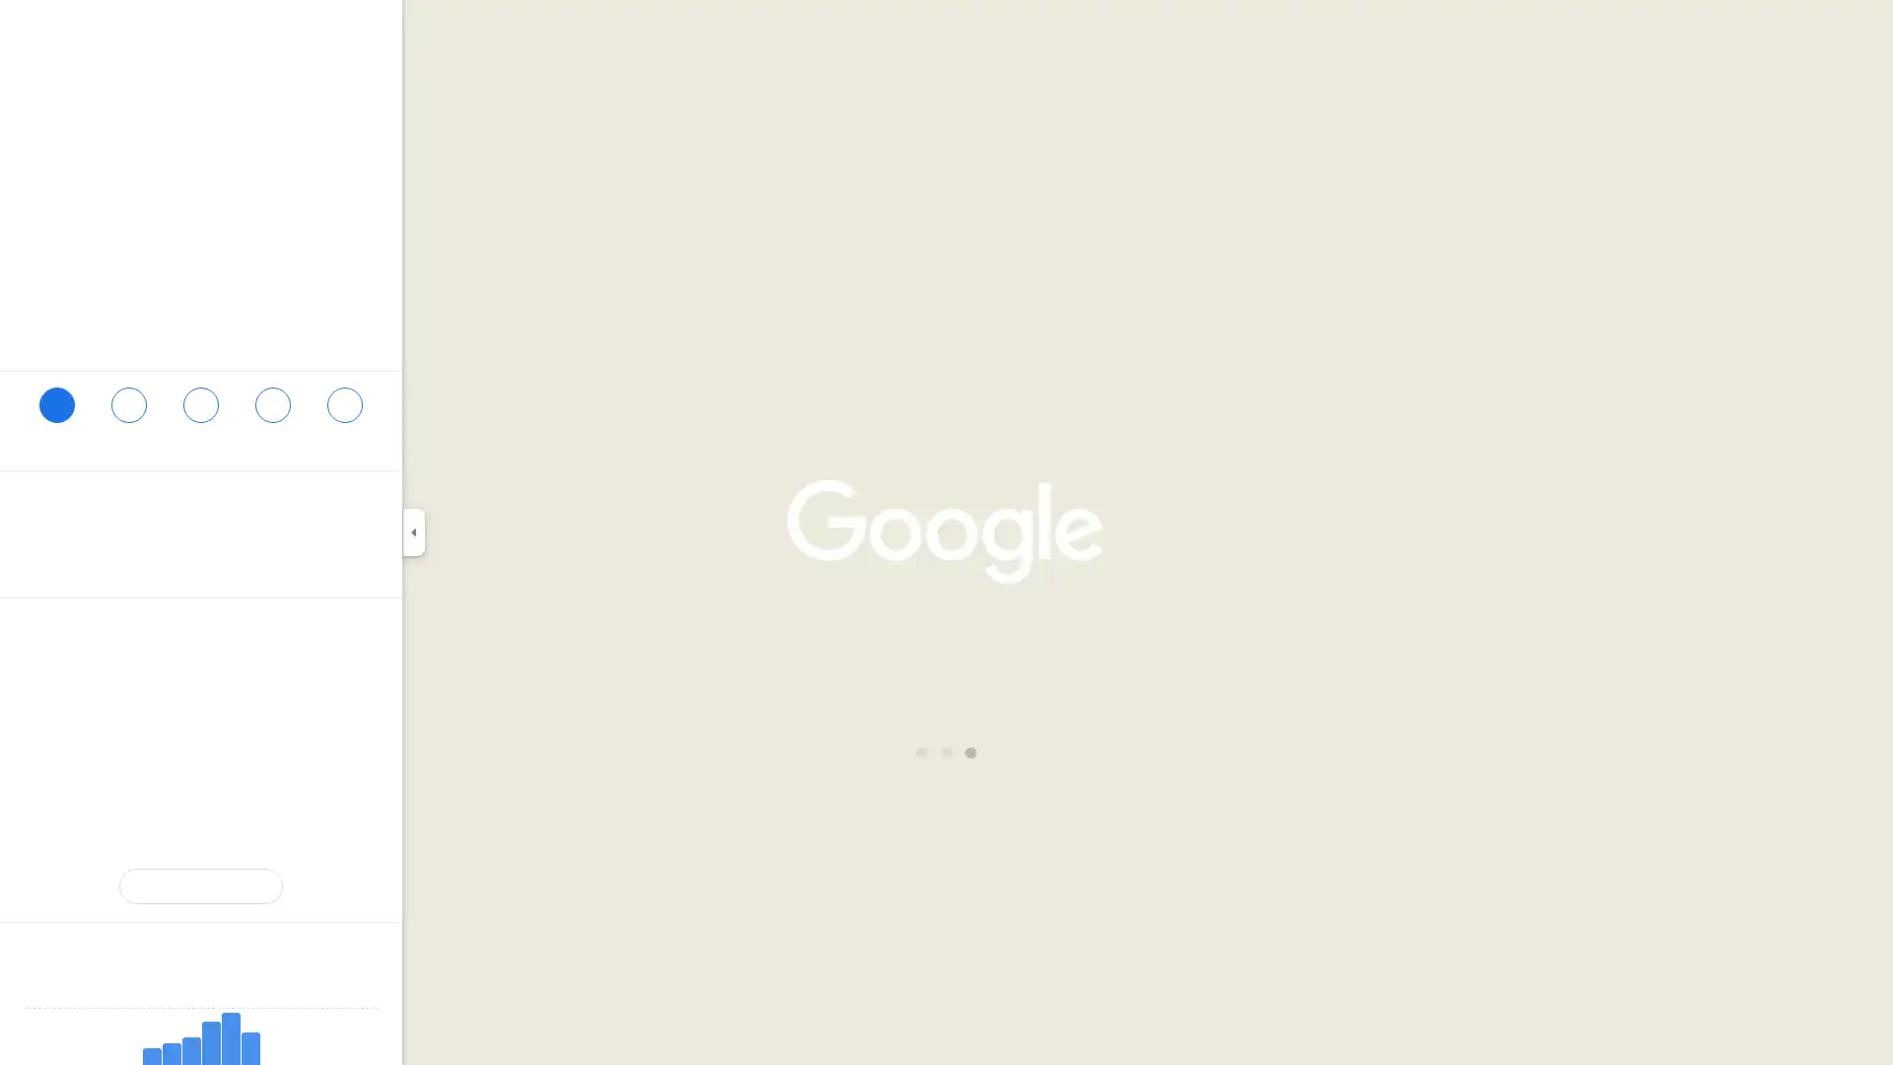  What do you see at coordinates (200, 412) in the screenshot?
I see `Search nearby Every Thing Goes Book Cafe and Neighborhood Stage` at bounding box center [200, 412].